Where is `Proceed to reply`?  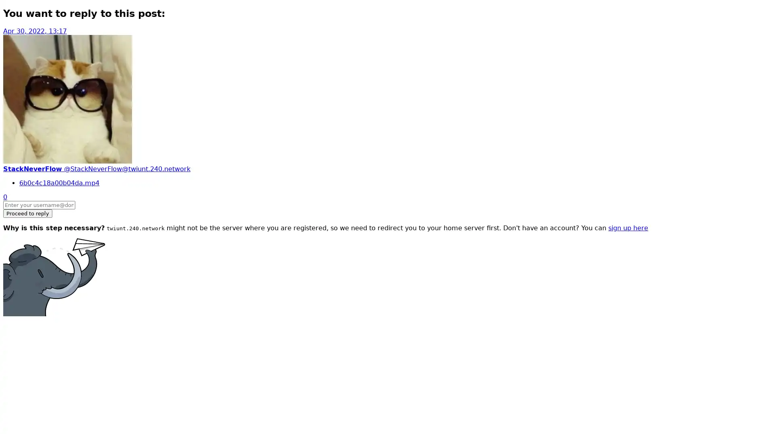 Proceed to reply is located at coordinates (27, 213).